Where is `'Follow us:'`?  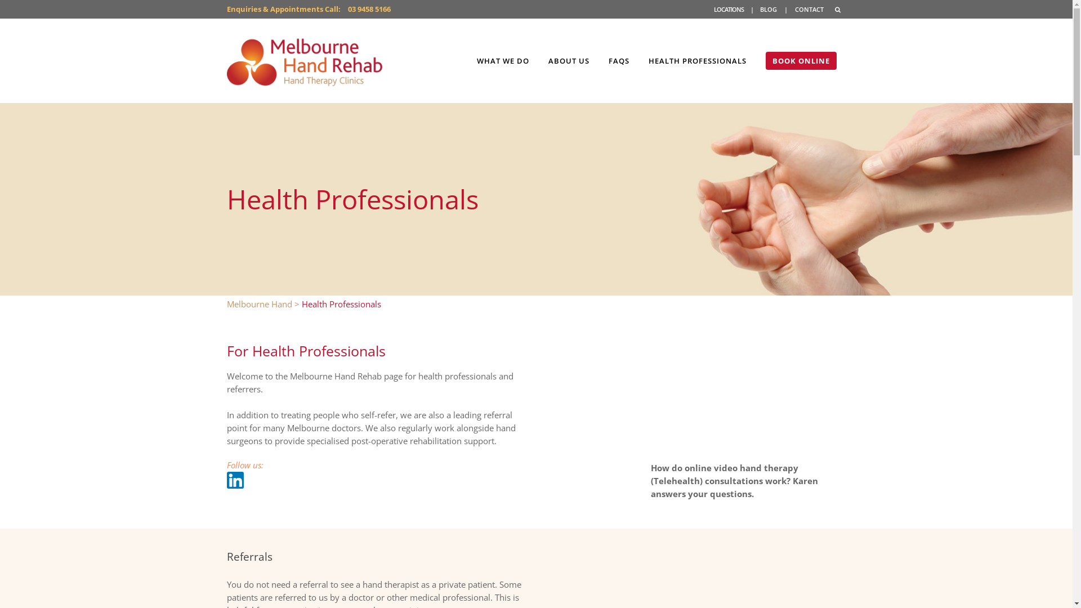
'Follow us:' is located at coordinates (244, 464).